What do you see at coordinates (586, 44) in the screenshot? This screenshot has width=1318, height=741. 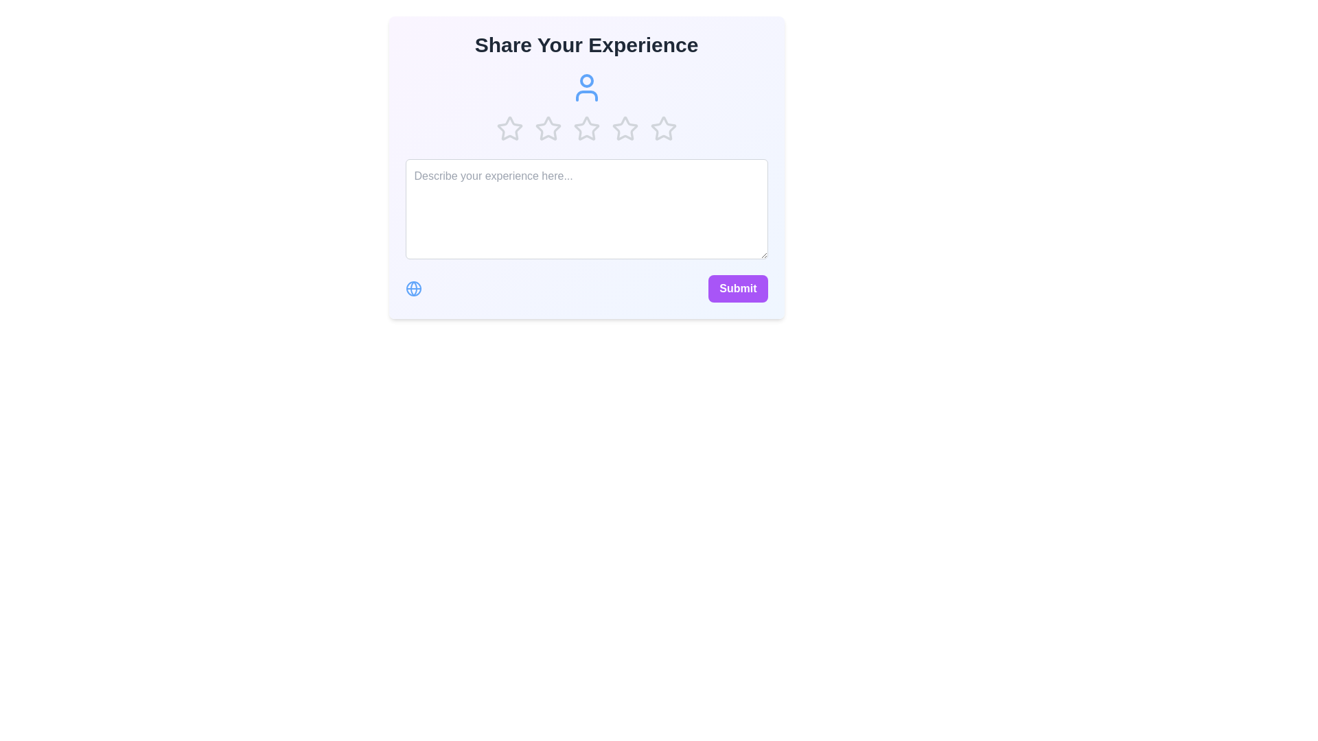 I see `the prominent heading labeled 'Share Your Experience', which is displayed in a large, bold font at the top center of the interface` at bounding box center [586, 44].